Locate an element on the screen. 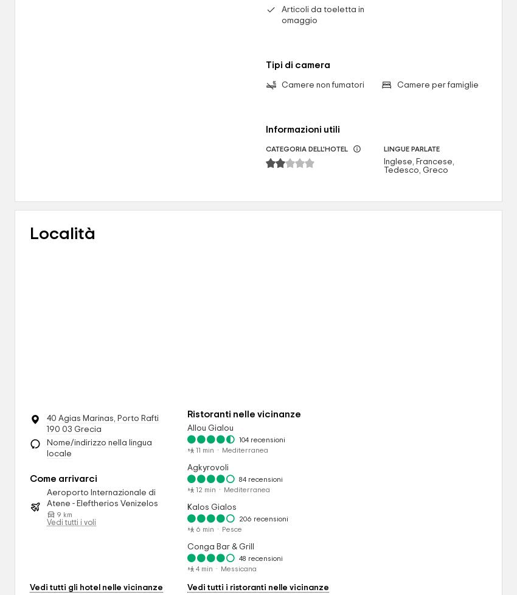  '9' is located at coordinates (58, 513).